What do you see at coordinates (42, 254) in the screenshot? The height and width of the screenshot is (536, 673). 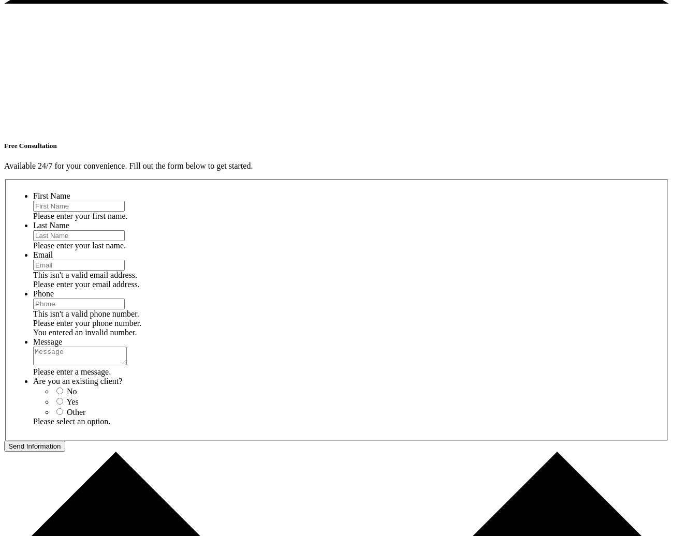 I see `'Email'` at bounding box center [42, 254].